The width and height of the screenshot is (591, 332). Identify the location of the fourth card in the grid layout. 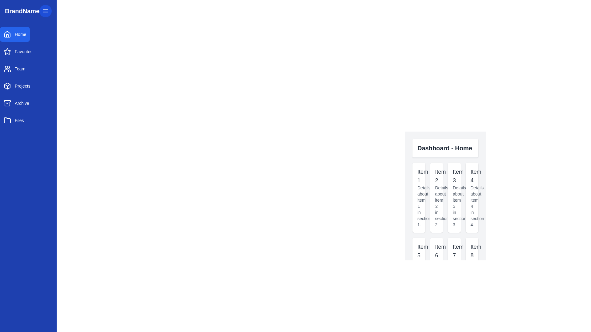
(472, 198).